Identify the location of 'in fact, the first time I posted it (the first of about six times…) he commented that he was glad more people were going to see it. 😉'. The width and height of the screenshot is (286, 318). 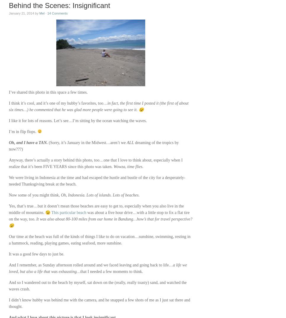
(9, 106).